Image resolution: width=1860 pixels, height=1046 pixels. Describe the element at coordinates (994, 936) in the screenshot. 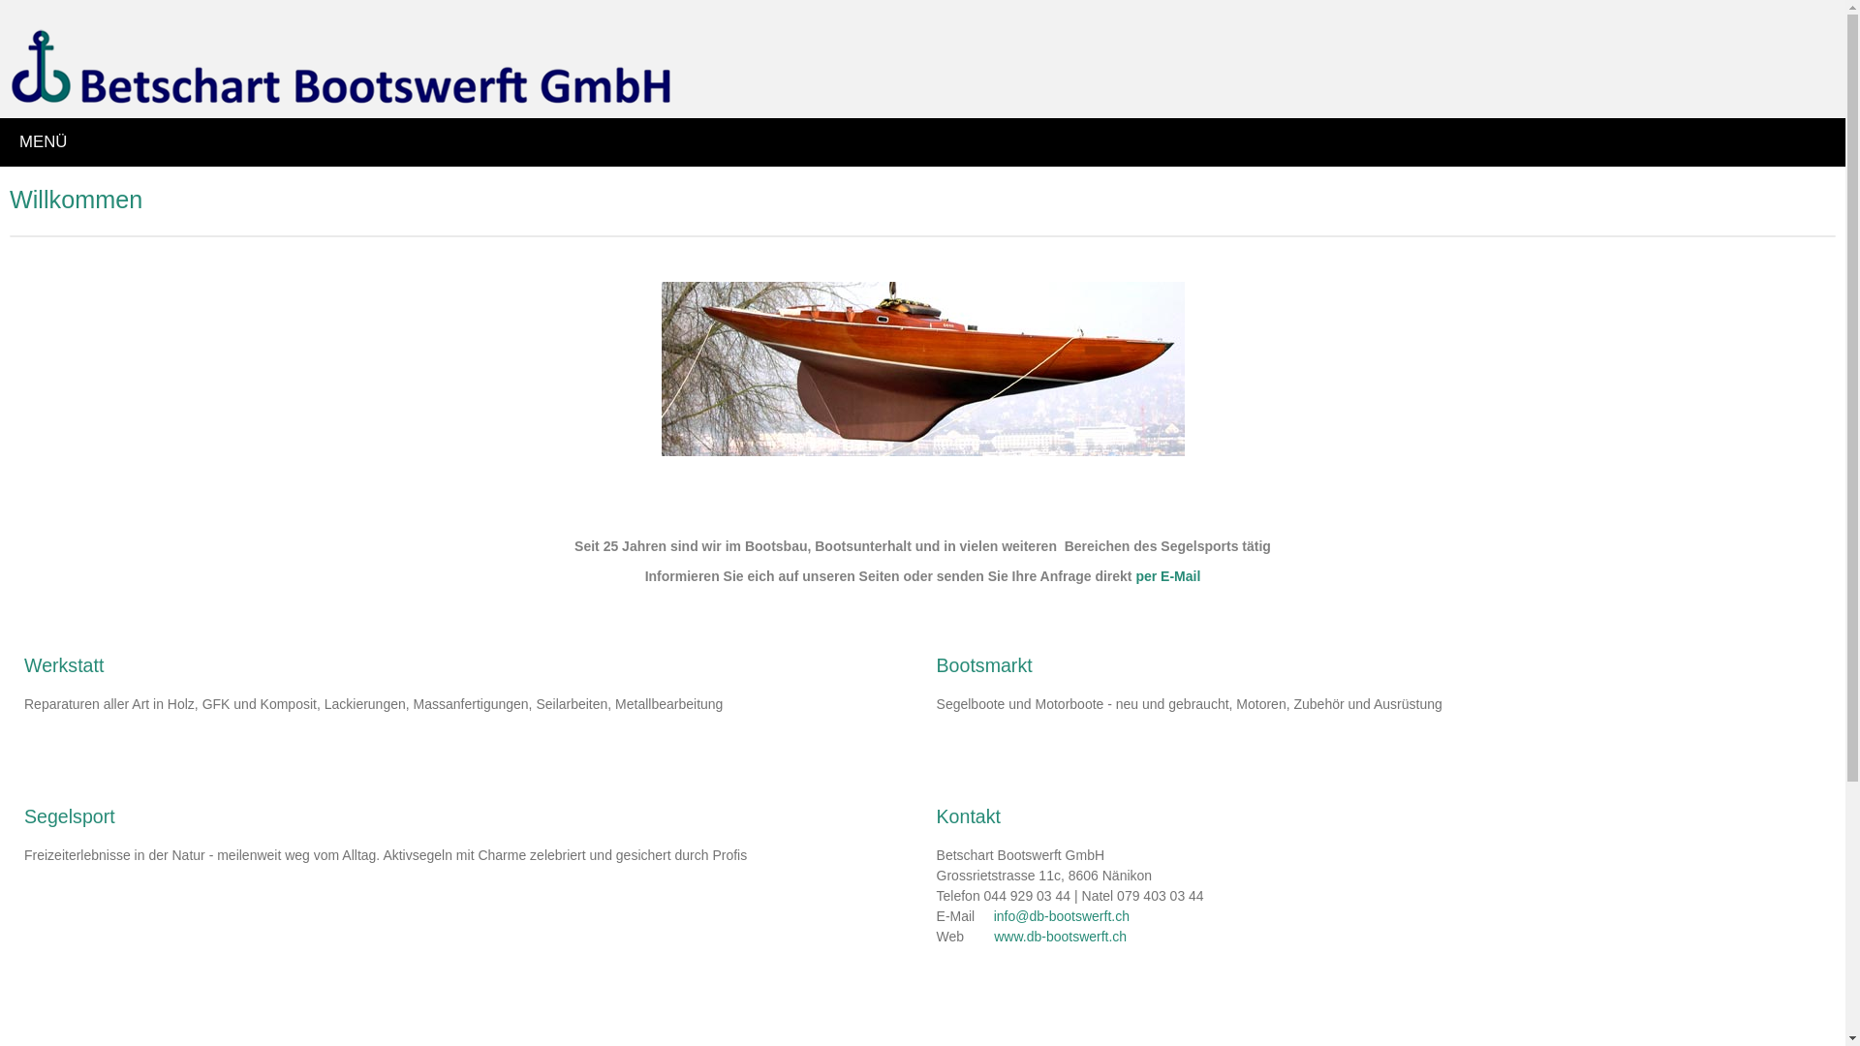

I see `'www.db-bootswerft.ch'` at that location.